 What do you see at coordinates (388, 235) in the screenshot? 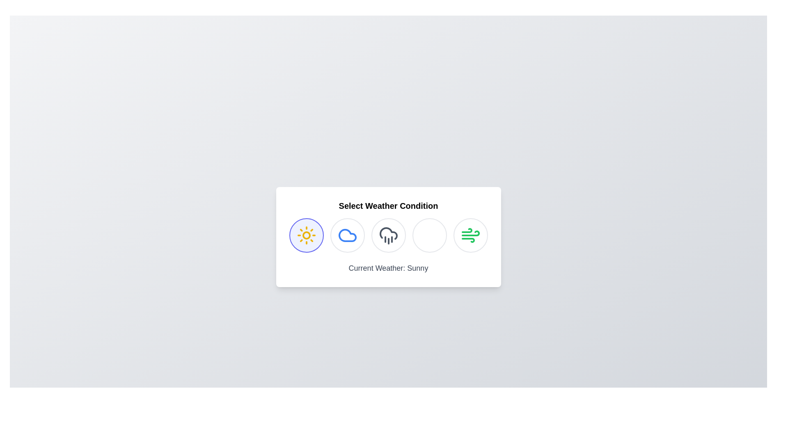
I see `the third circular icon button representing rainy weather` at bounding box center [388, 235].